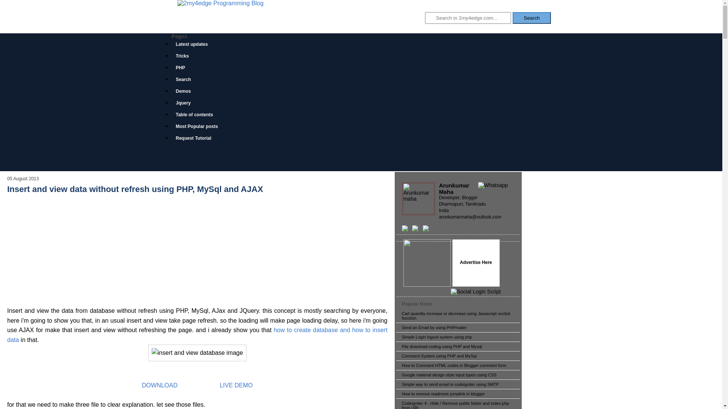 The height and width of the screenshot is (409, 728). What do you see at coordinates (439, 356) in the screenshot?
I see `'Comment System using PHP and MySql'` at bounding box center [439, 356].